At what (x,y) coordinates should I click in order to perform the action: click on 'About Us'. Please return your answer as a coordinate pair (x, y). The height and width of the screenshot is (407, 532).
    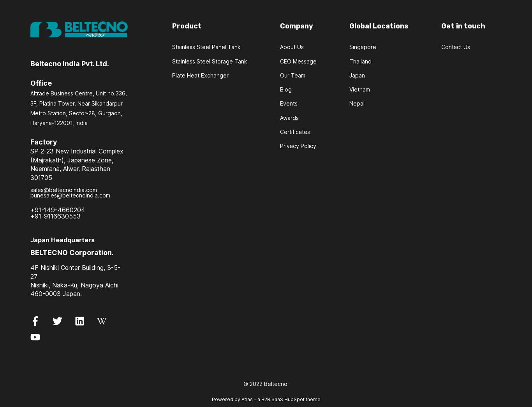
    Looking at the image, I should click on (292, 46).